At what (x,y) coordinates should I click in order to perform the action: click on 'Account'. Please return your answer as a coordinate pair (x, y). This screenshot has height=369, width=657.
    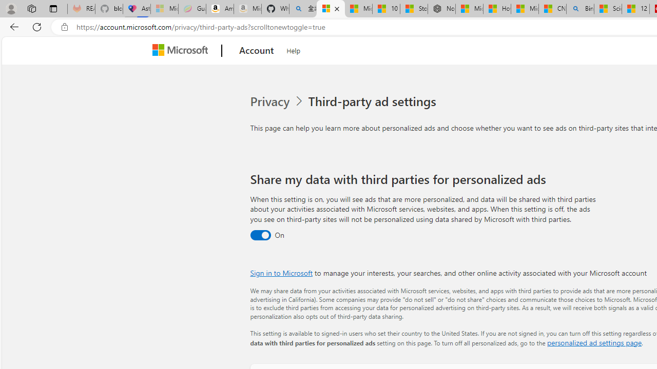
    Looking at the image, I should click on (256, 51).